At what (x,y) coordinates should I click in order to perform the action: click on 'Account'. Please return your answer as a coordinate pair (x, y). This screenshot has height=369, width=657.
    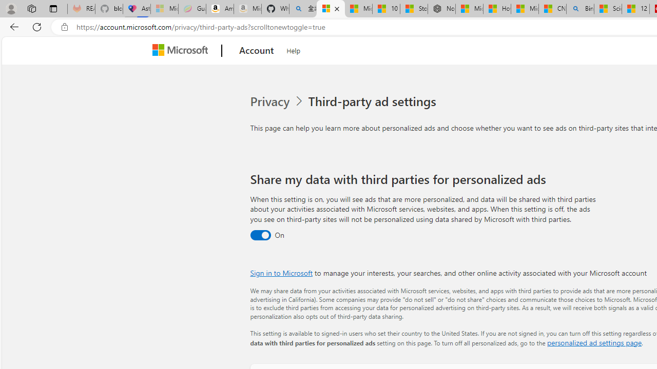
    Looking at the image, I should click on (256, 51).